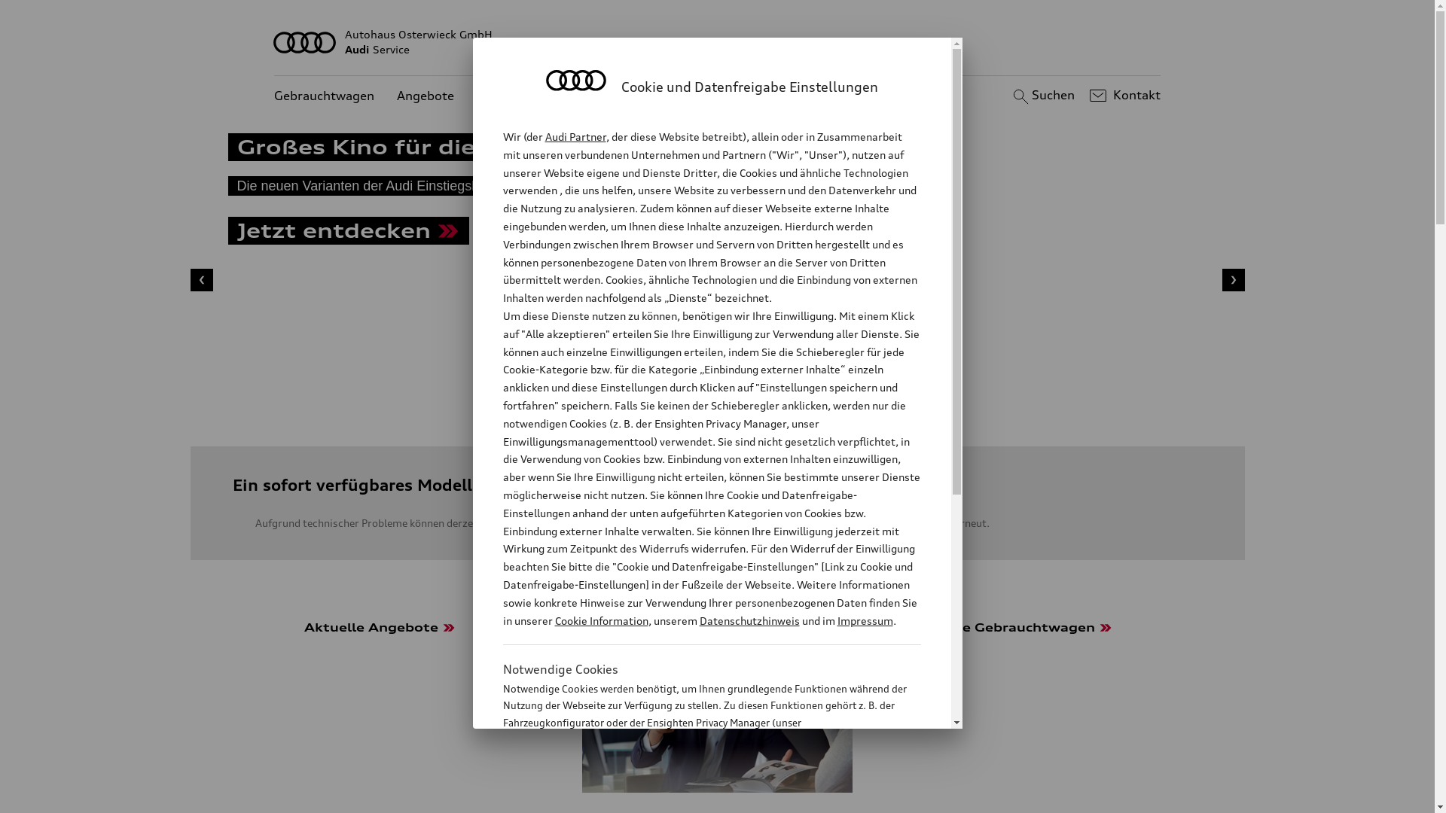  What do you see at coordinates (1123, 96) in the screenshot?
I see `'Kontakt'` at bounding box center [1123, 96].